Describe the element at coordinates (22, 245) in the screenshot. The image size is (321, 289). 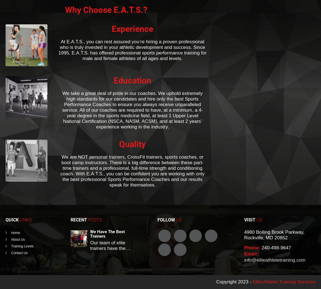
I see `'Training Levels'` at that location.